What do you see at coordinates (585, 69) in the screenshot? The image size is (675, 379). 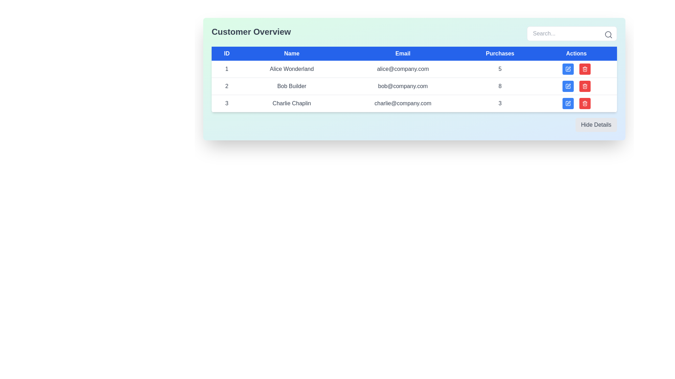 I see `the red trash icon button in the Actions column of the first row in the data table` at bounding box center [585, 69].